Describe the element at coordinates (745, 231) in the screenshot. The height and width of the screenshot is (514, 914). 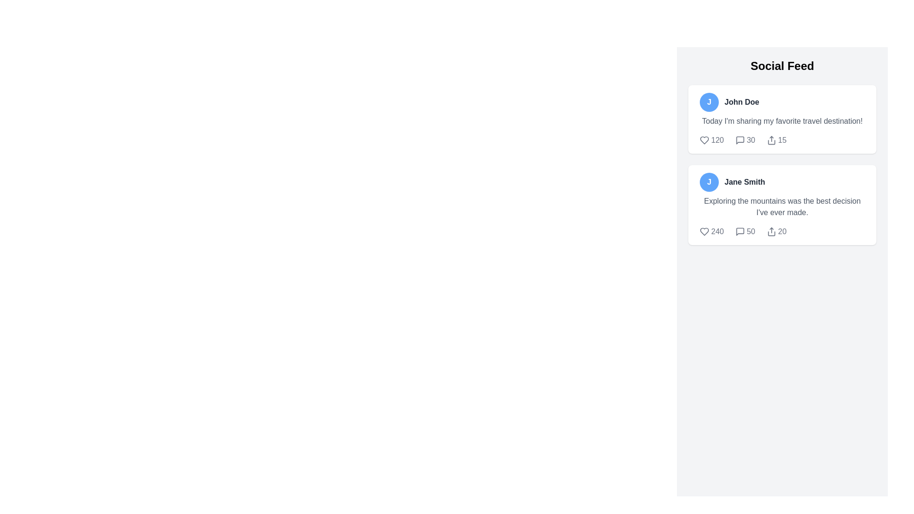
I see `the numeric text '50' next to the speech bubble icon indicating comments or messages, which is the second interactive metric under the post by 'Jane Smith'` at that location.